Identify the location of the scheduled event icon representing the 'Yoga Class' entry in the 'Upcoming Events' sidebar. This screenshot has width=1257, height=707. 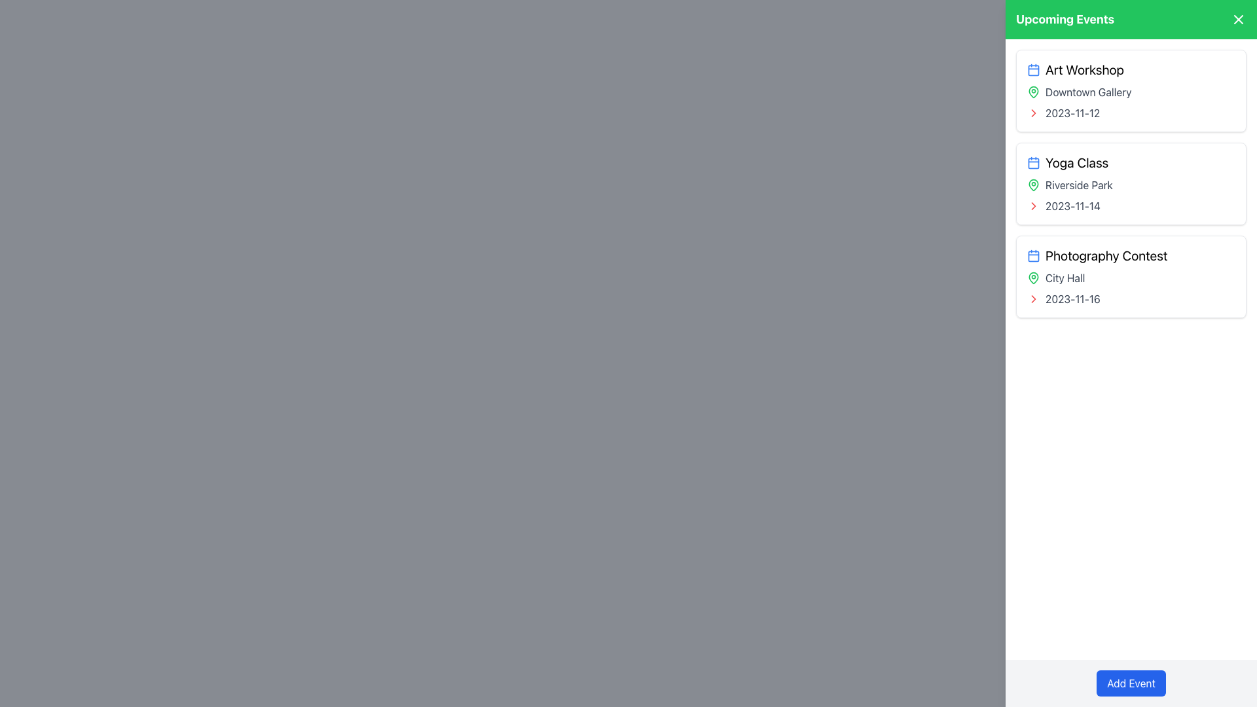
(1033, 162).